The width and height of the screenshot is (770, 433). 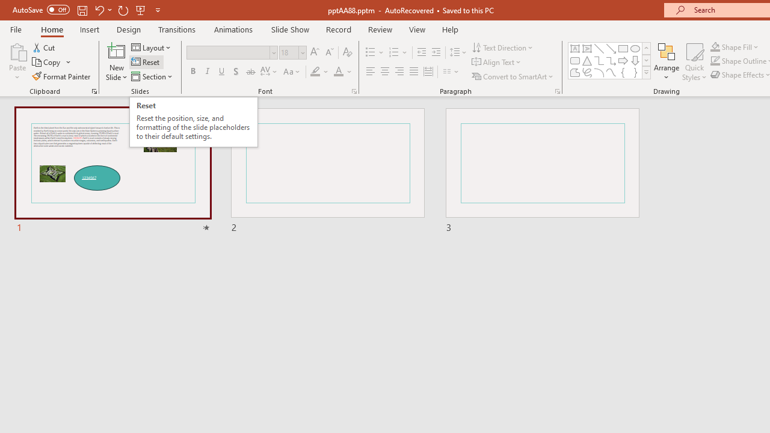 I want to click on 'Shape Outline Teal, Accent 1', so click(x=715, y=61).